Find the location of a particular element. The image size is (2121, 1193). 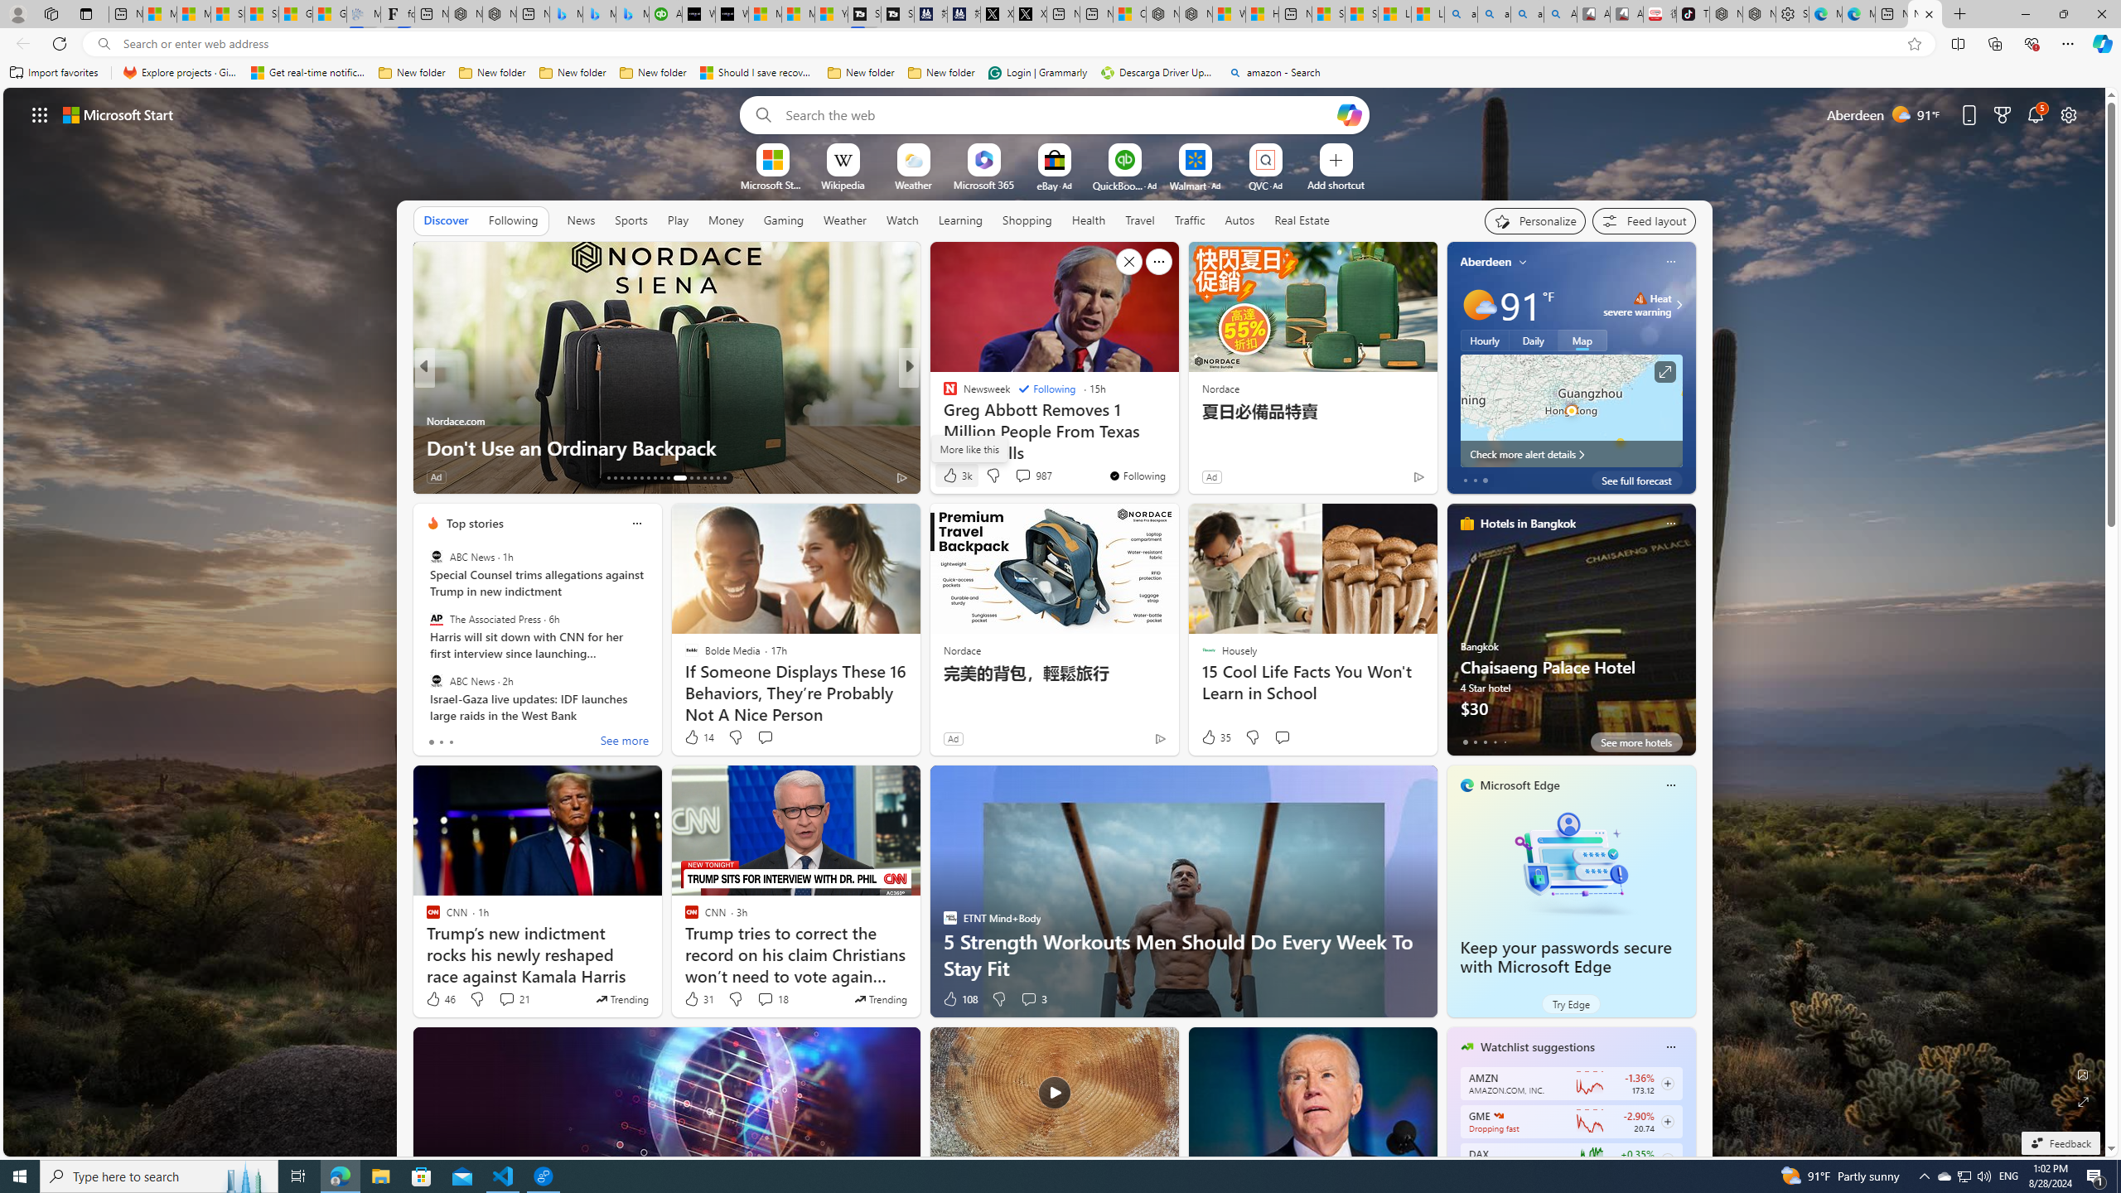

'POLITICO' is located at coordinates (942, 393).